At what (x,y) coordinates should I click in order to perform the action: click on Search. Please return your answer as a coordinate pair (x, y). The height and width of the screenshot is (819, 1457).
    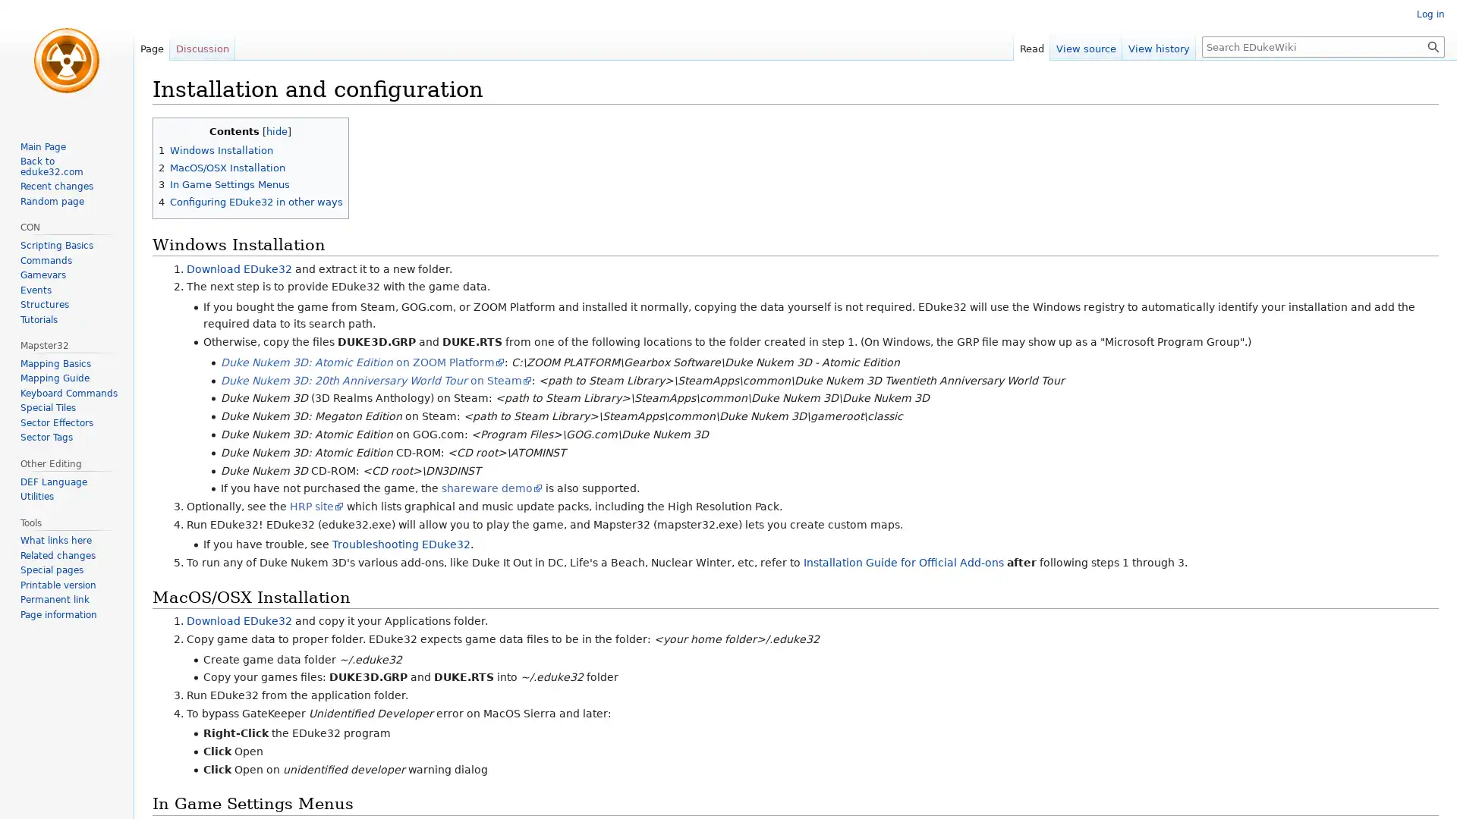
    Looking at the image, I should click on (1433, 45).